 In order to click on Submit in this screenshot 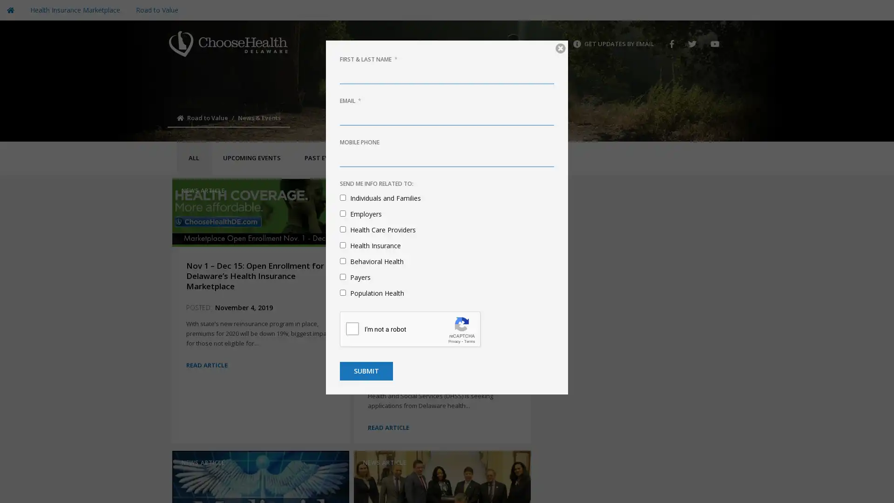, I will do `click(366, 371)`.